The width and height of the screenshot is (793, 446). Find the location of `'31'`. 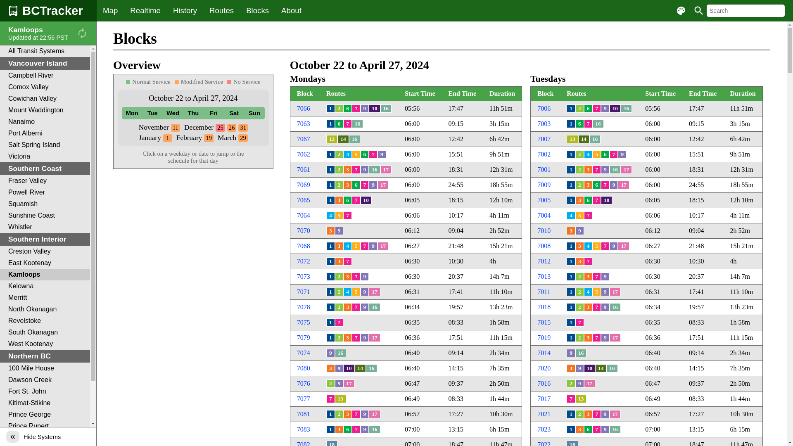

'31' is located at coordinates (242, 128).